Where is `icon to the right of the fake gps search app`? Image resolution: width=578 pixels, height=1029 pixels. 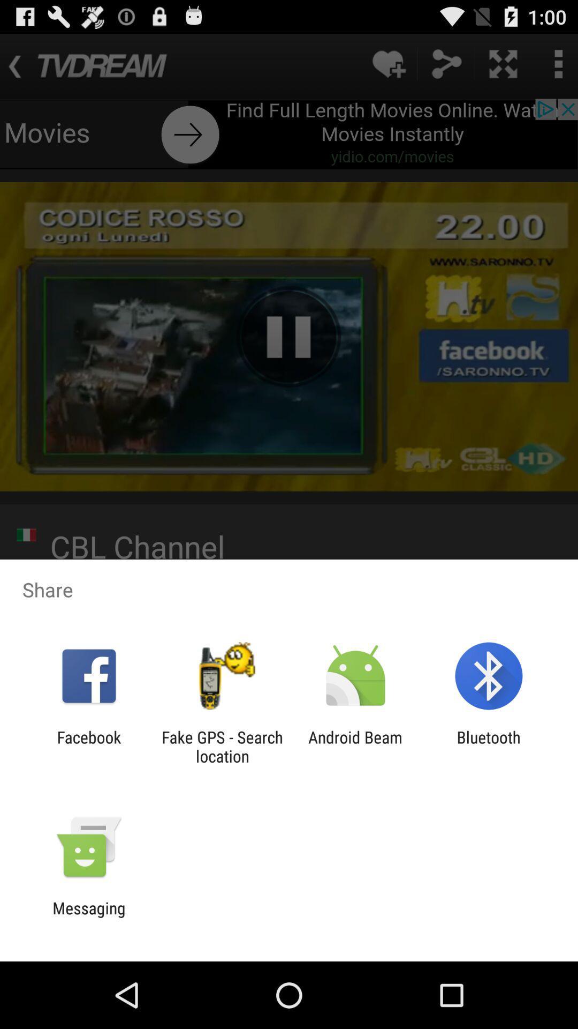
icon to the right of the fake gps search app is located at coordinates (355, 746).